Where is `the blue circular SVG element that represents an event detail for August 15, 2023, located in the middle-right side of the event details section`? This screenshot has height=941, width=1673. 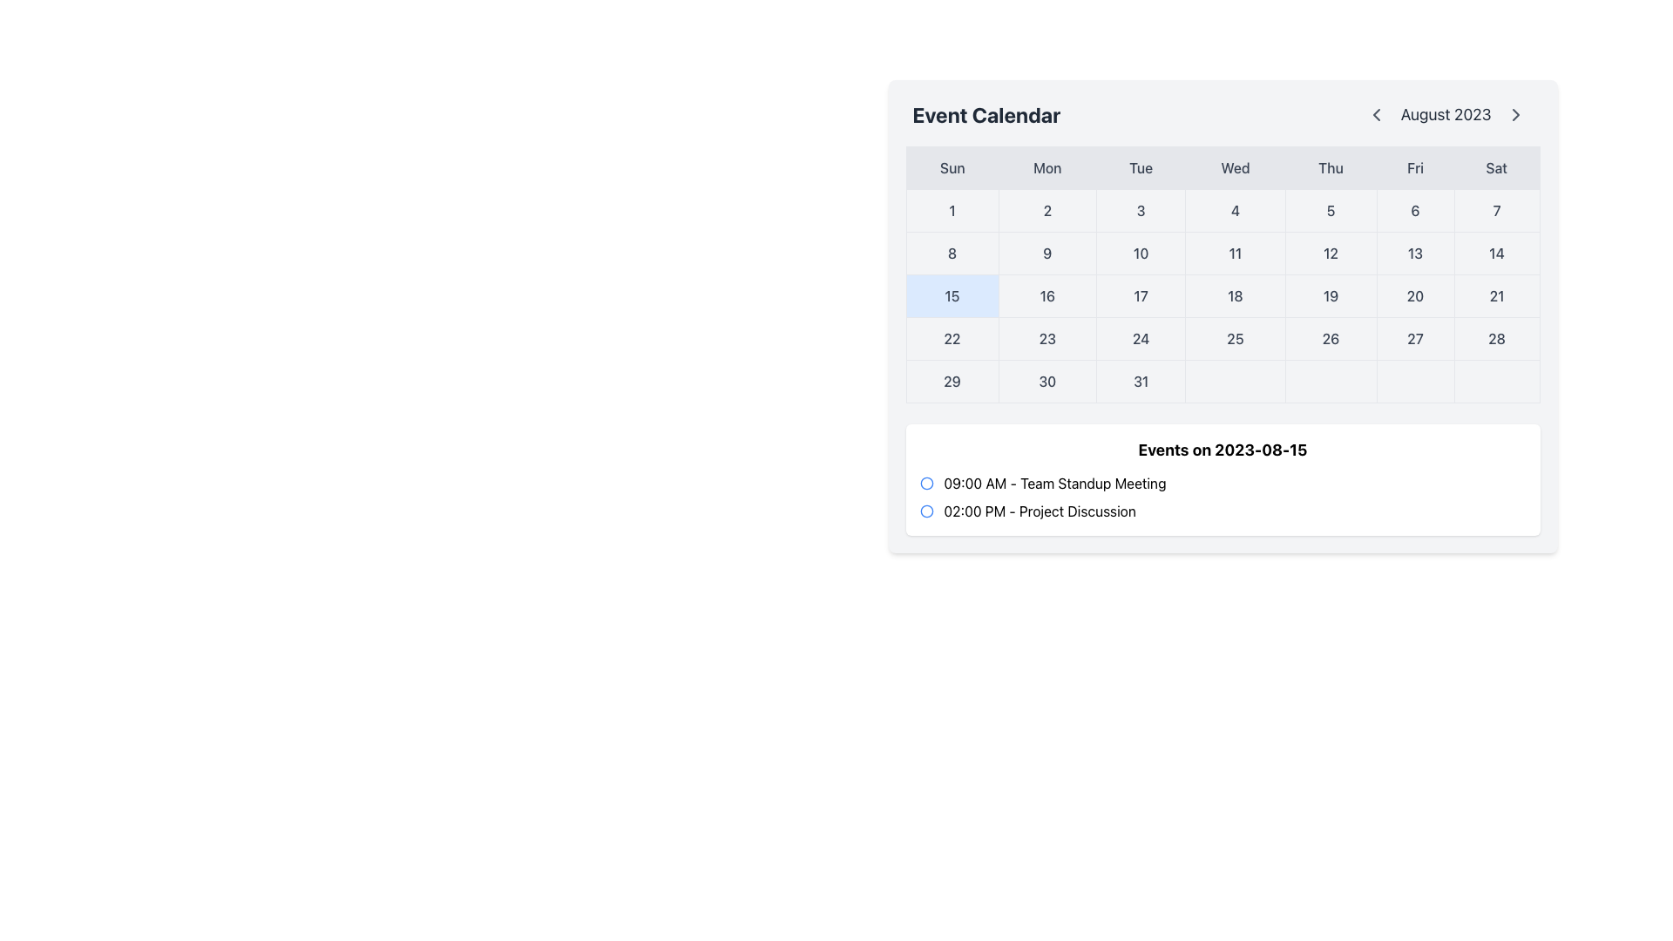
the blue circular SVG element that represents an event detail for August 15, 2023, located in the middle-right side of the event details section is located at coordinates (925, 484).